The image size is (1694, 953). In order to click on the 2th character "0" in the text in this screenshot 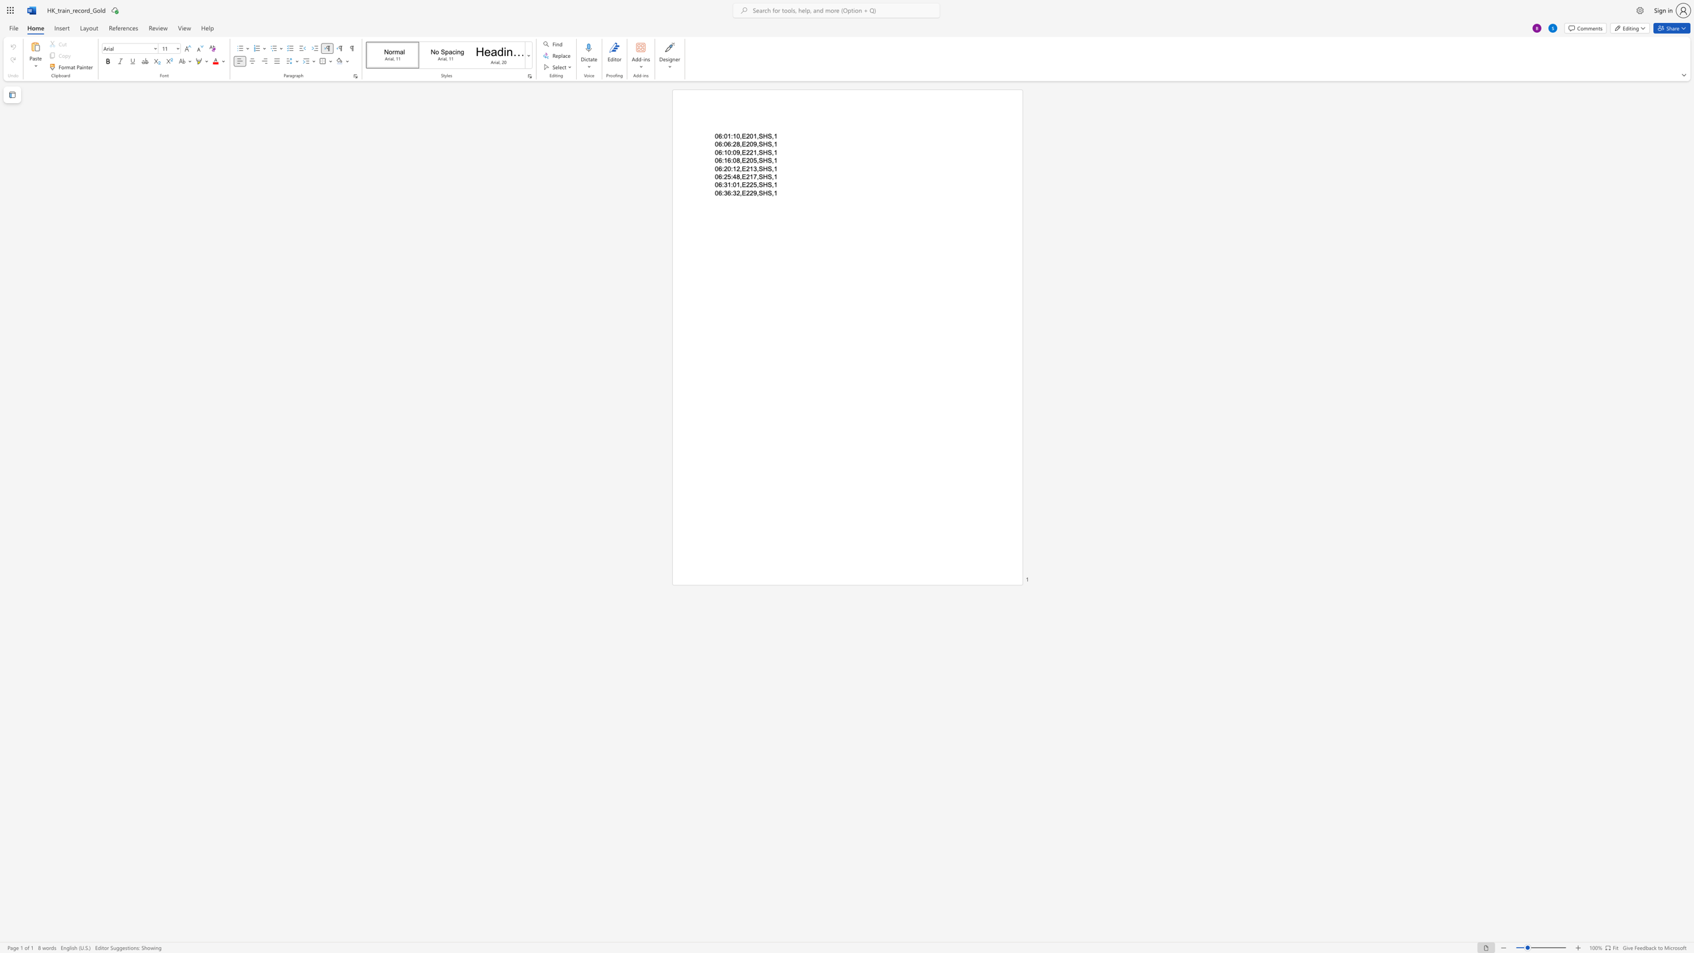, I will do `click(734, 184)`.